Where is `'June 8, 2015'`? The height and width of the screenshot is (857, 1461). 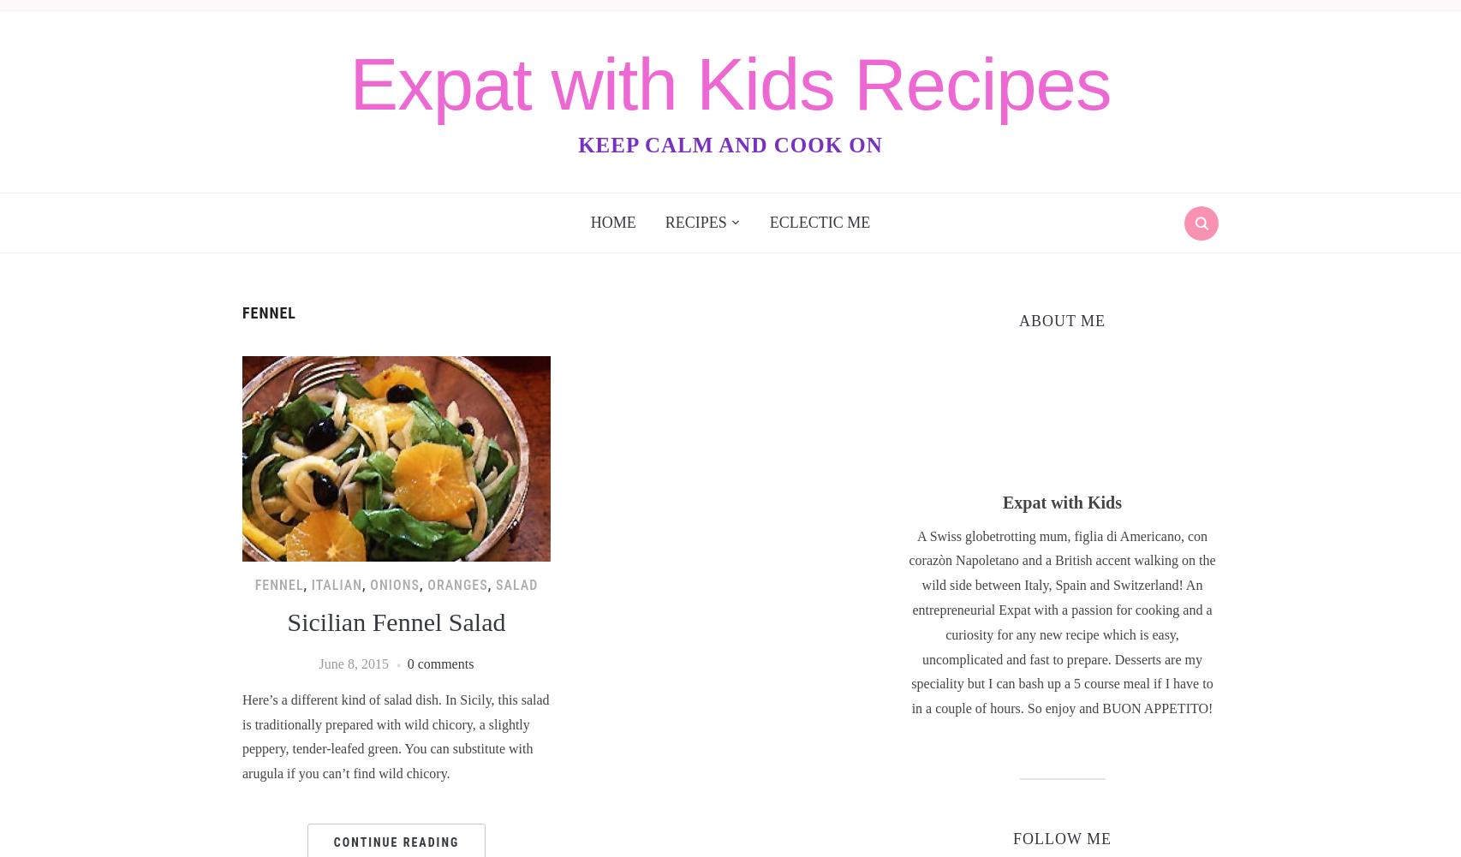
'June 8, 2015' is located at coordinates (353, 664).